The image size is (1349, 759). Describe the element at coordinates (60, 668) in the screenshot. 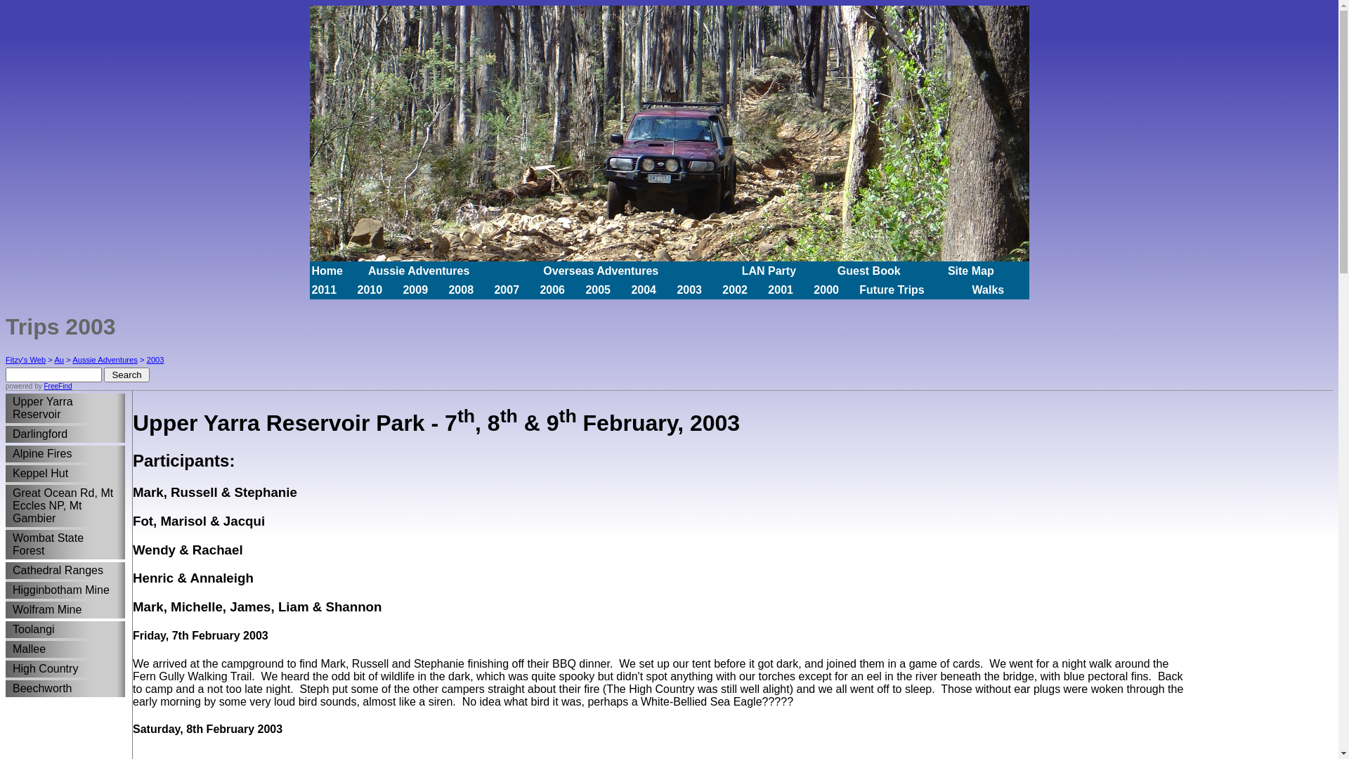

I see `'High Country'` at that location.